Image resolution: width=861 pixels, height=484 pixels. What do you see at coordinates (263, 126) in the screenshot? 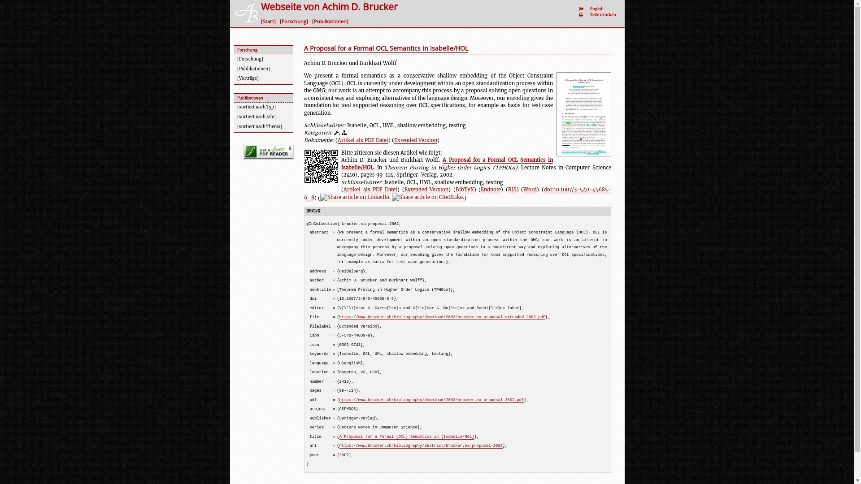
I see `'[sortiert nach Thema]'` at bounding box center [263, 126].